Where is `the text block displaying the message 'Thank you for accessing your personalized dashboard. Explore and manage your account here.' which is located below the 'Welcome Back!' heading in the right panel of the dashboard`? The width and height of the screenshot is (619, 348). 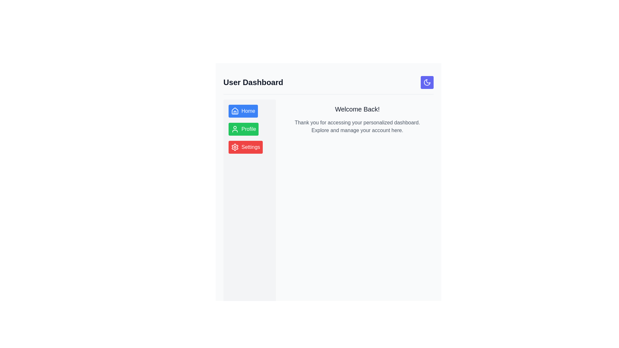 the text block displaying the message 'Thank you for accessing your personalized dashboard. Explore and manage your account here.' which is located below the 'Welcome Back!' heading in the right panel of the dashboard is located at coordinates (357, 127).